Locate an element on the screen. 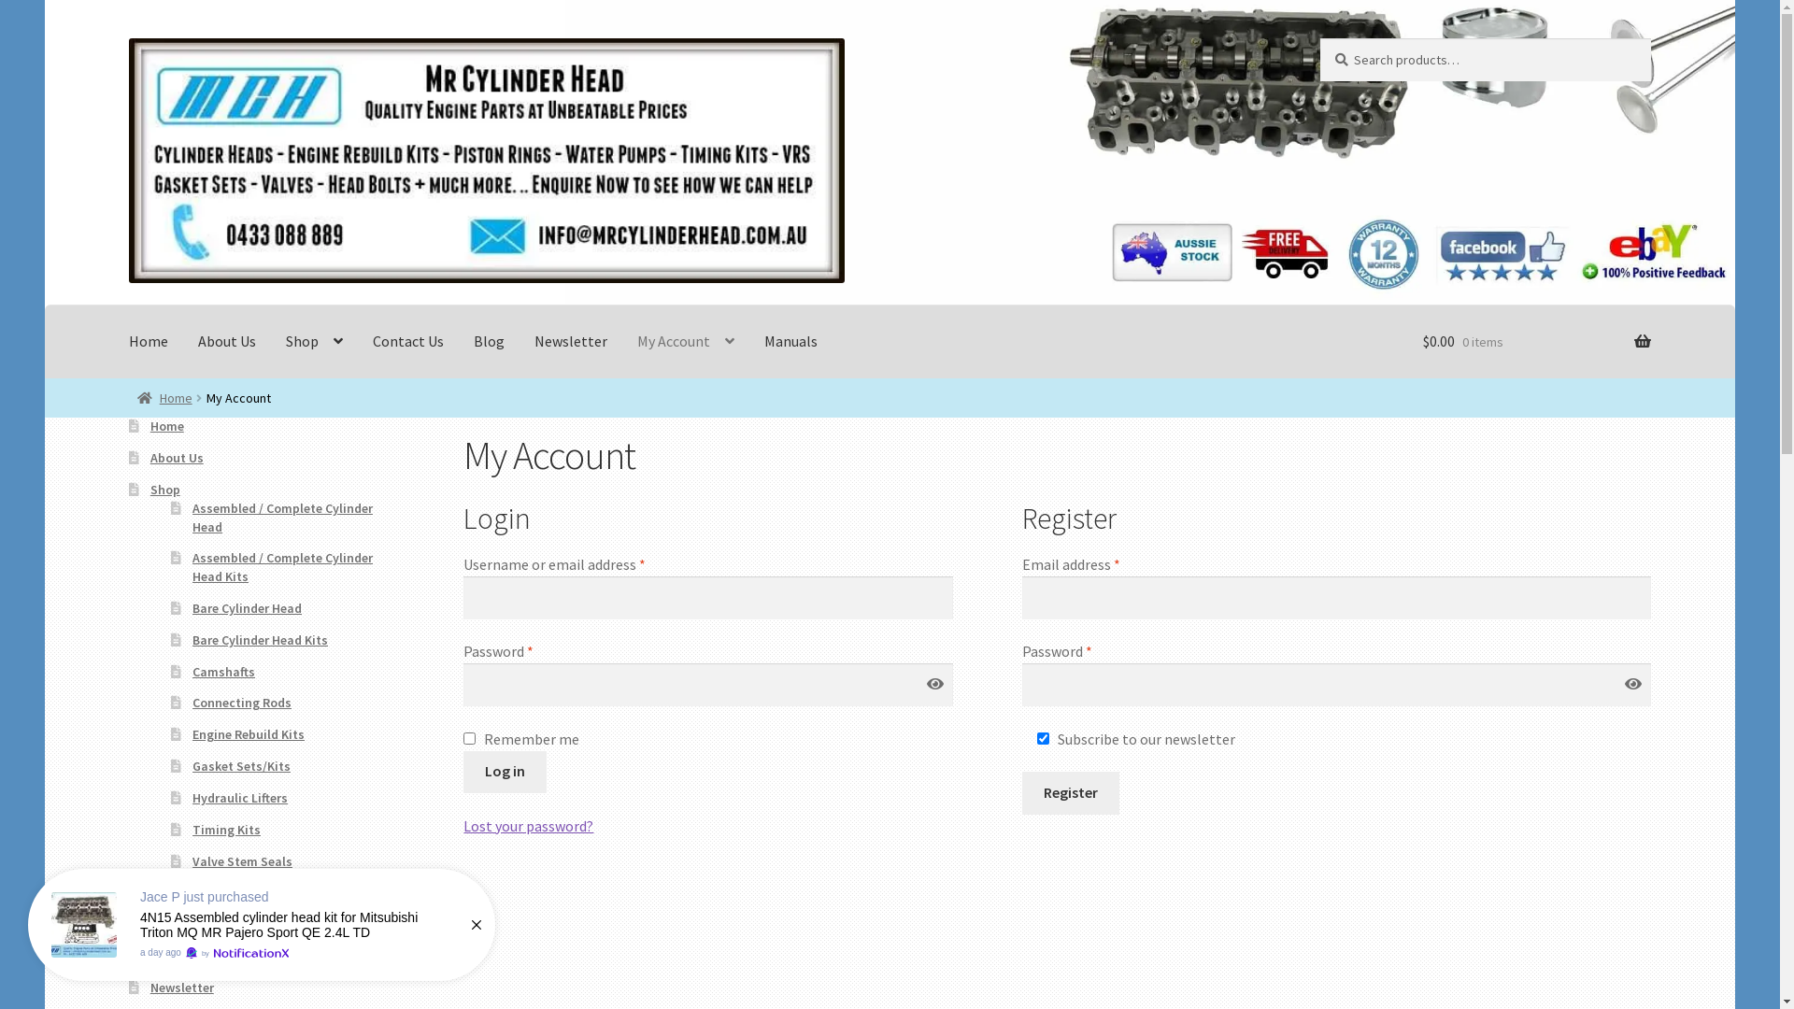 This screenshot has height=1009, width=1794. 'Shop' is located at coordinates (314, 341).